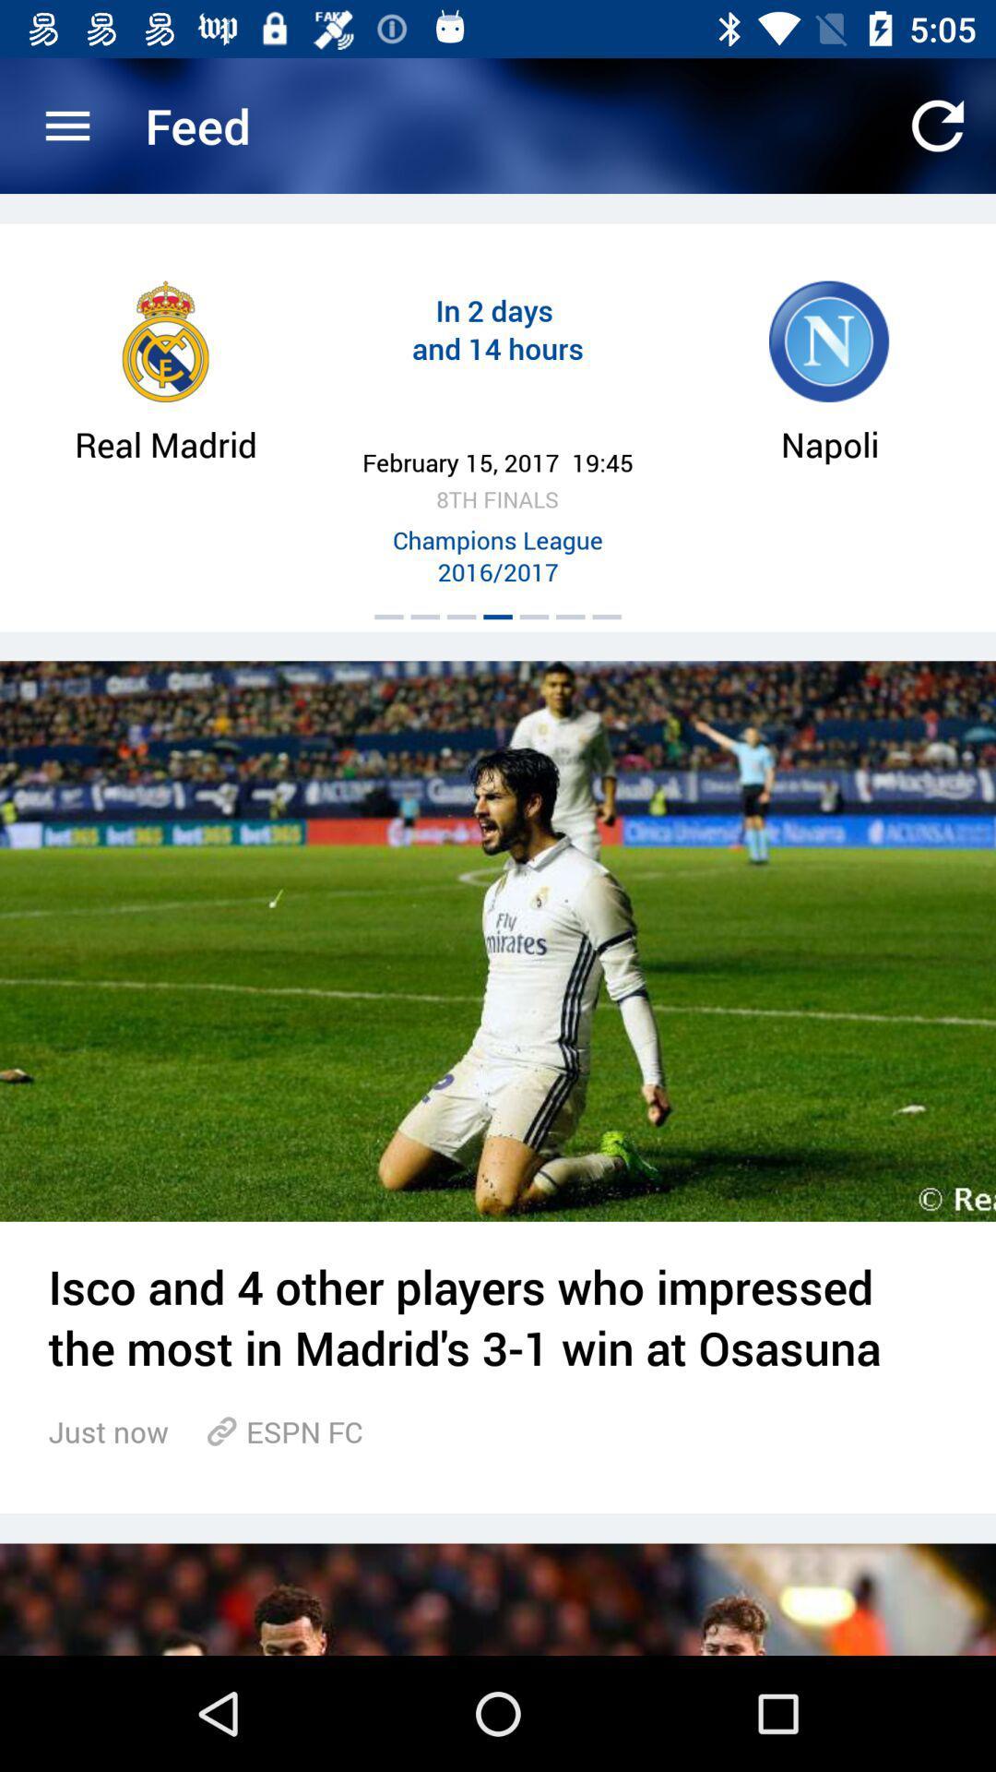  Describe the element at coordinates (66, 125) in the screenshot. I see `item to the left of feed icon` at that location.